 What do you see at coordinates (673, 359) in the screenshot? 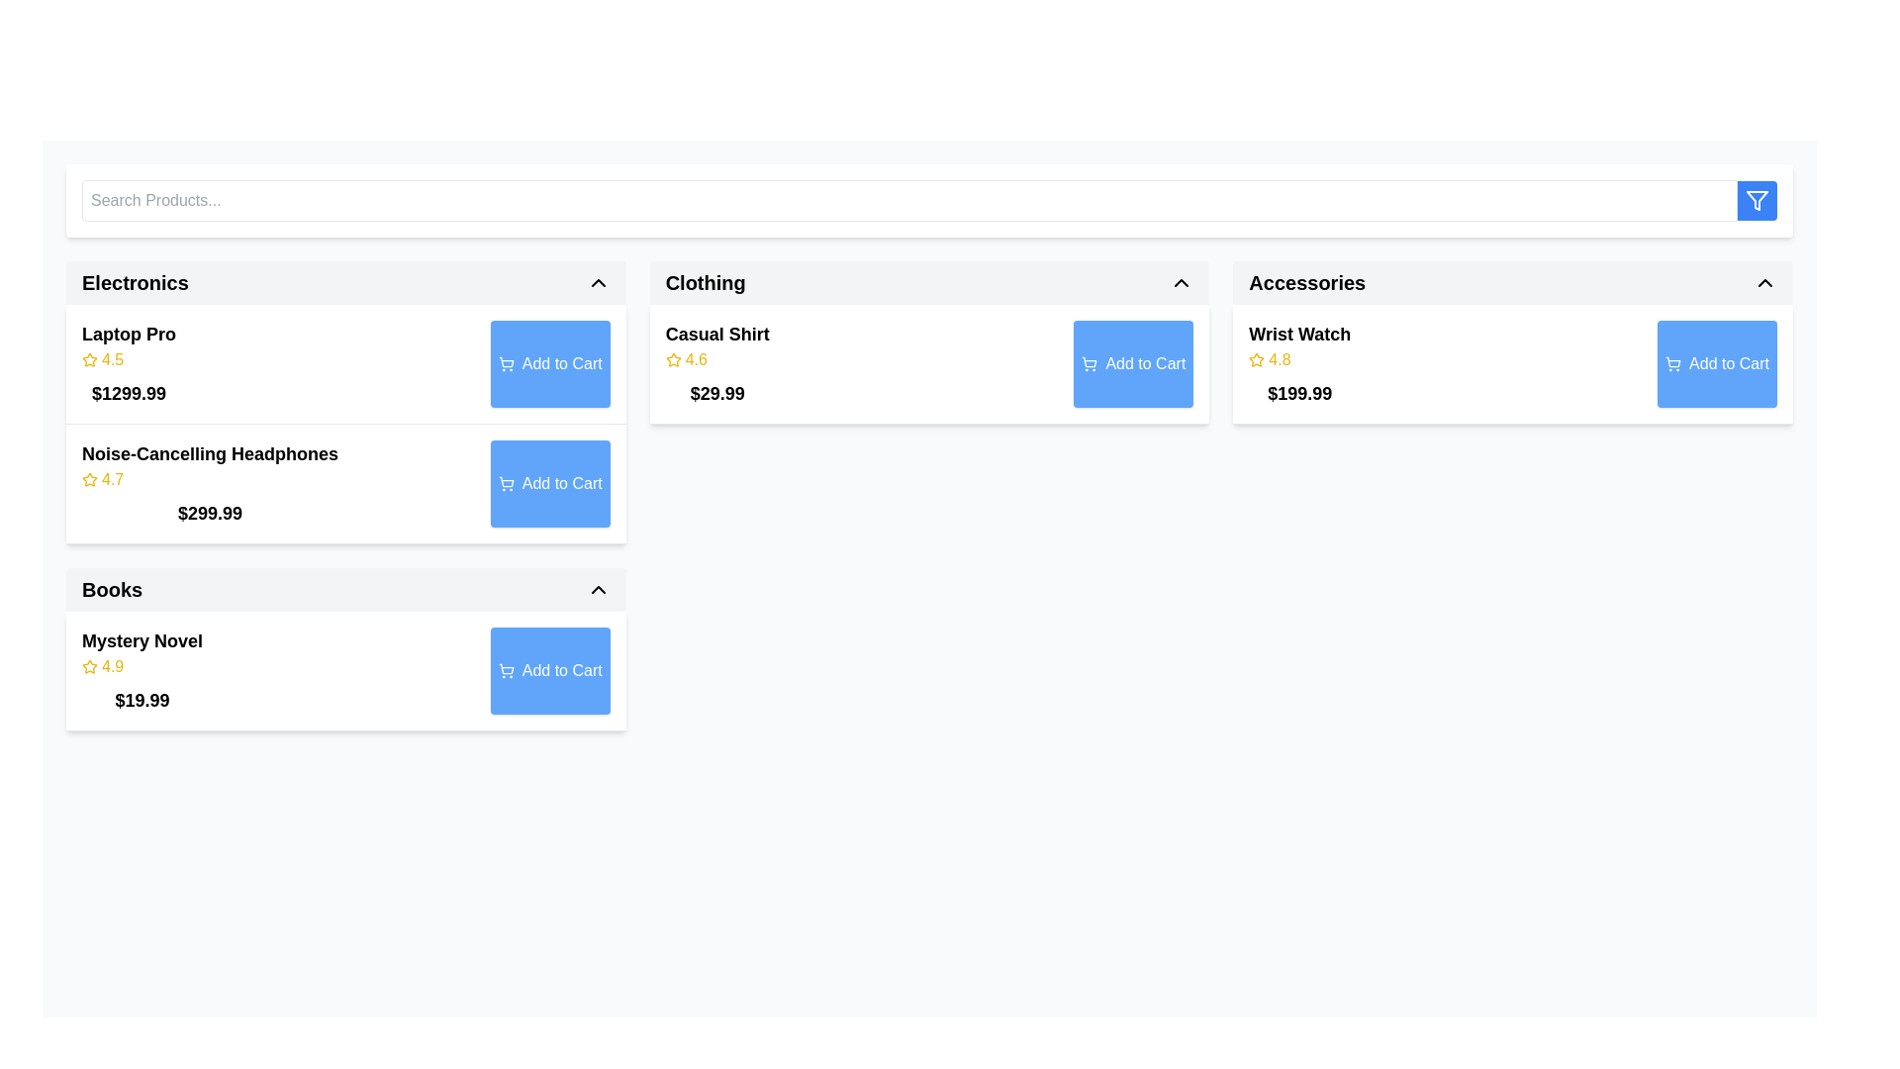
I see `small, yellow star-shaped icon with a stroke outline located next to the text '4.6' for the 'Casual Shirt' item` at bounding box center [673, 359].